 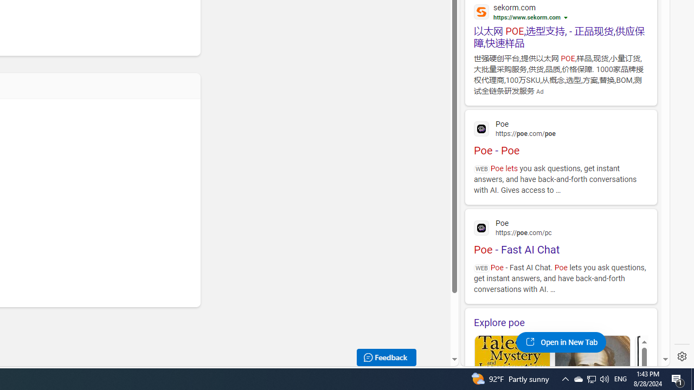 I want to click on 'Poe - Poe', so click(x=561, y=136).